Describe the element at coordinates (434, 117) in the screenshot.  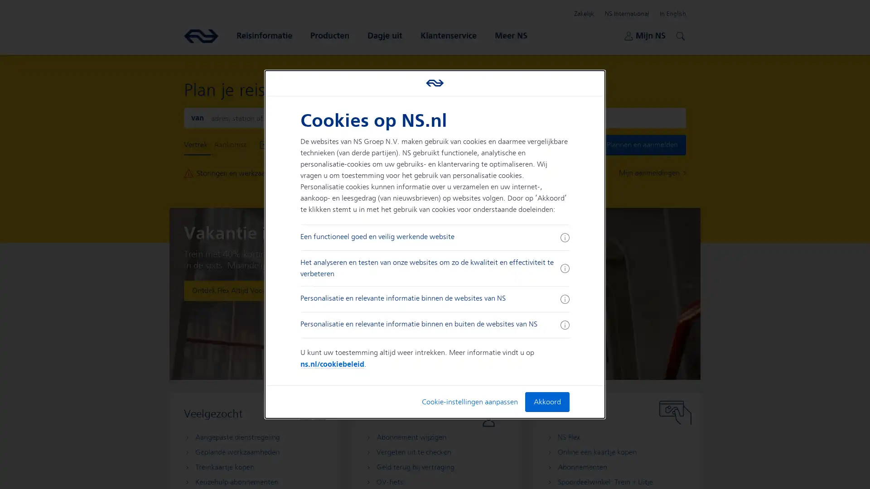
I see `Wissel aankomst en vertrek locaties om` at that location.